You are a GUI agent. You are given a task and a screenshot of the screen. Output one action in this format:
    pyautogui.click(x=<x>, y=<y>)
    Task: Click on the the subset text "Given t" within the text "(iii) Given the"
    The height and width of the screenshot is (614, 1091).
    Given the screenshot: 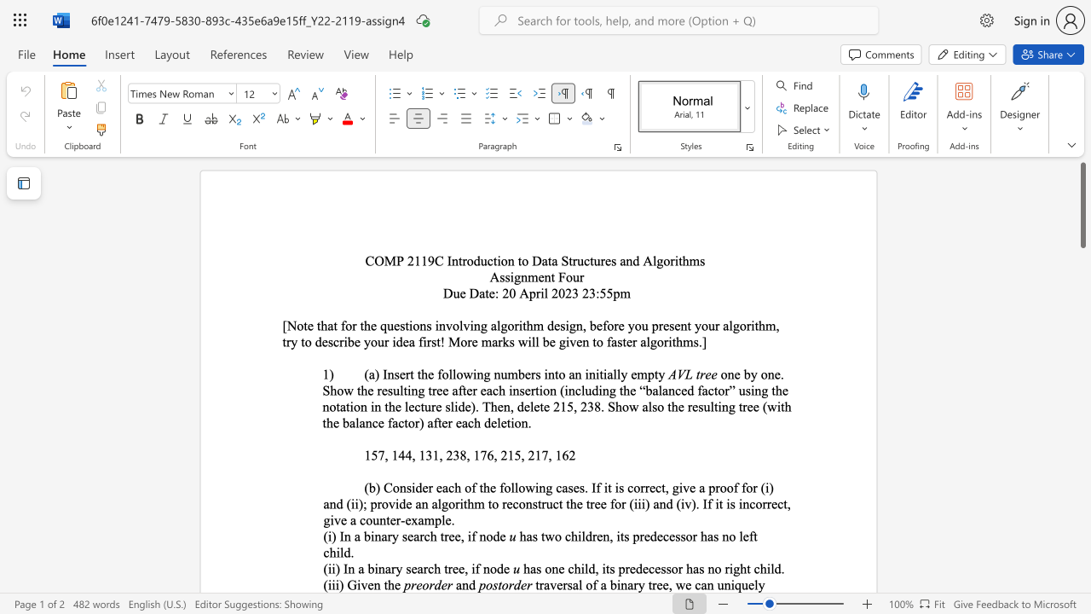 What is the action you would take?
    pyautogui.click(x=346, y=584)
    